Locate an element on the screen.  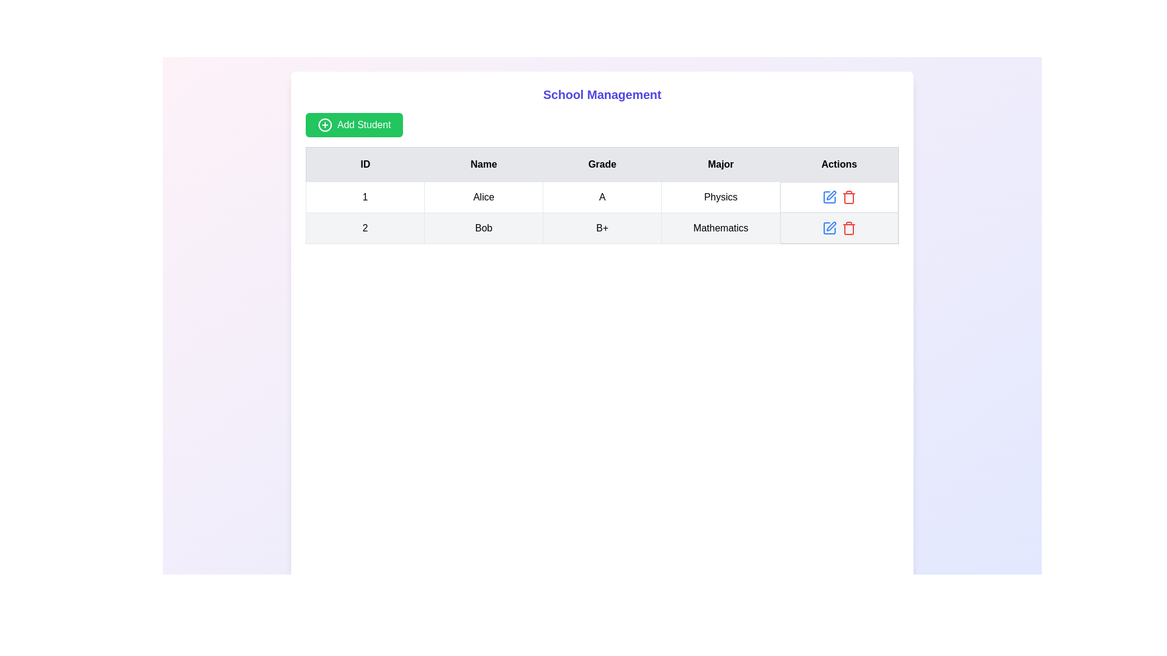
the circular '+' icon with a green background located within the 'Add Student' button, positioned to the left of the text label is located at coordinates (325, 125).